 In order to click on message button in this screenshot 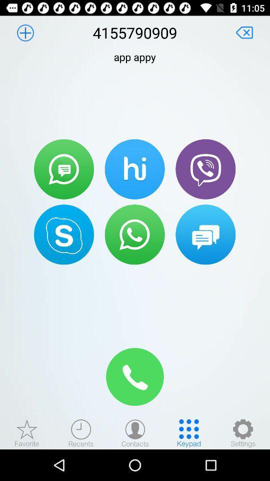, I will do `click(205, 234)`.